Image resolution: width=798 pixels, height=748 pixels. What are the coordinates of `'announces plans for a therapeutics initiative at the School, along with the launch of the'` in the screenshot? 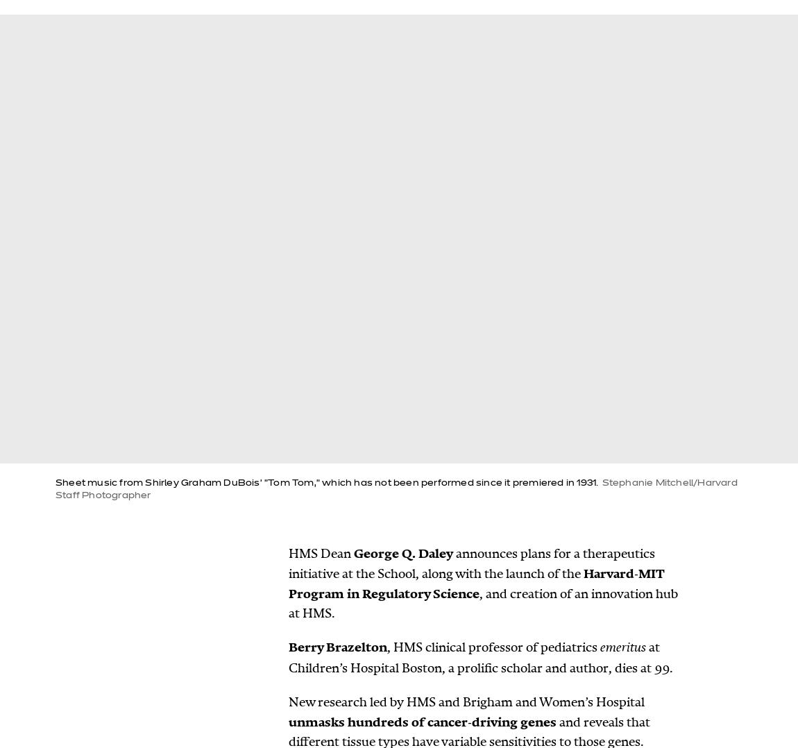 It's located at (470, 563).